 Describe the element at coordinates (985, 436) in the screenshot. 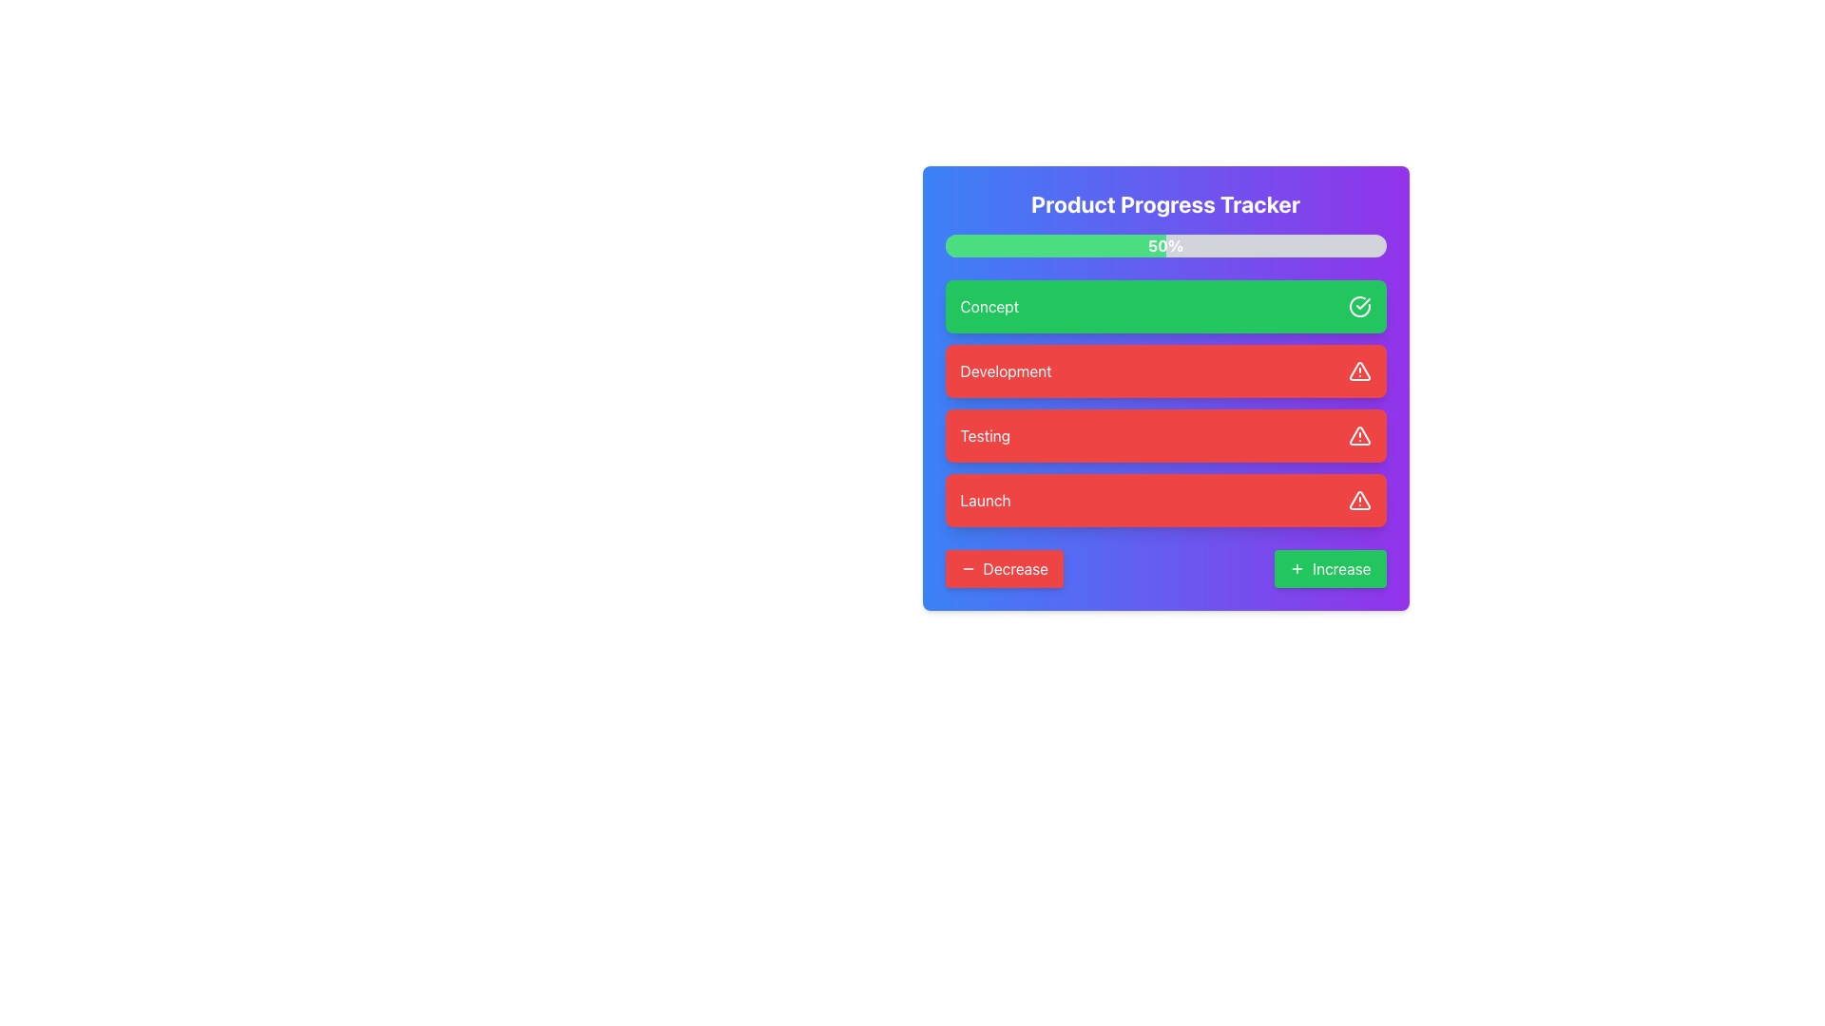

I see `the text label displaying 'Testing' with a red background, which is the third item in a vertical list of buttons in the main content area, positioned under the 'Development' button and above the 'Launch' button` at that location.